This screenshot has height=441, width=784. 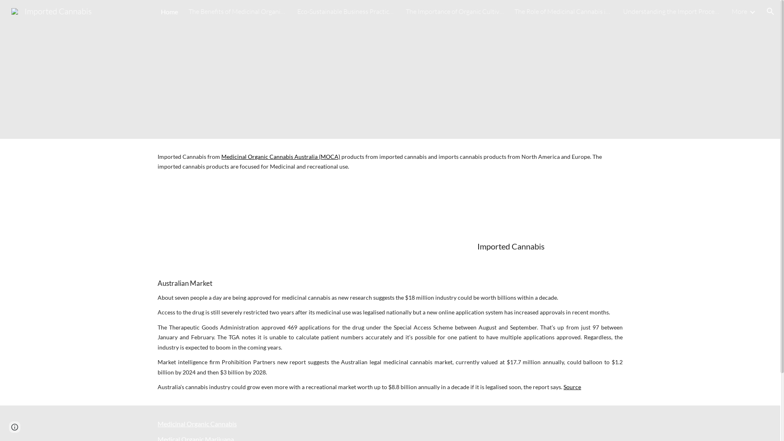 I want to click on 'Expand/Collapse', so click(x=752, y=11).